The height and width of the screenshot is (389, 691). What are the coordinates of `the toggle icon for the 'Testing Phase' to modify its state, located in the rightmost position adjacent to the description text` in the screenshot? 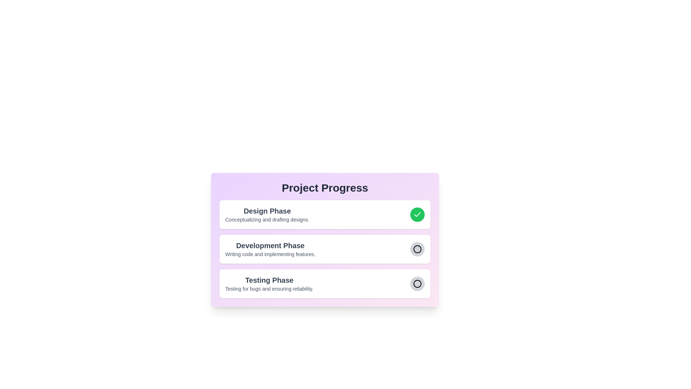 It's located at (415, 283).